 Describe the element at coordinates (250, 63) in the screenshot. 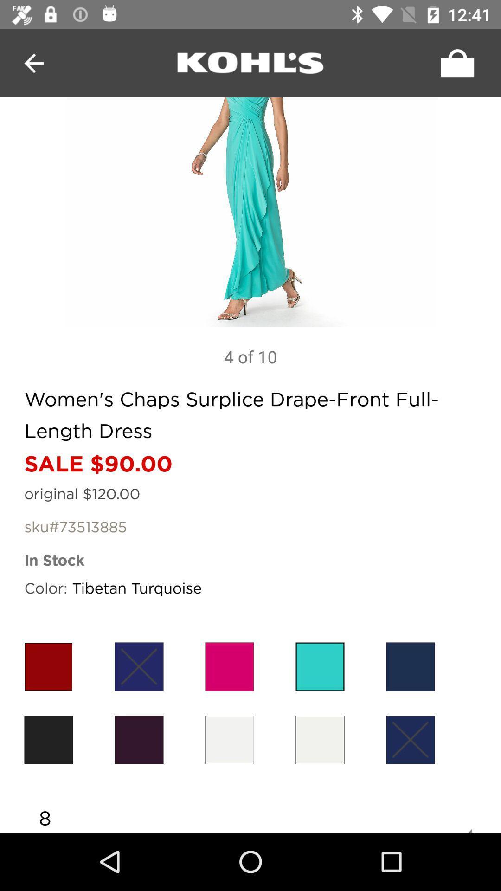

I see `the menu icon` at that location.